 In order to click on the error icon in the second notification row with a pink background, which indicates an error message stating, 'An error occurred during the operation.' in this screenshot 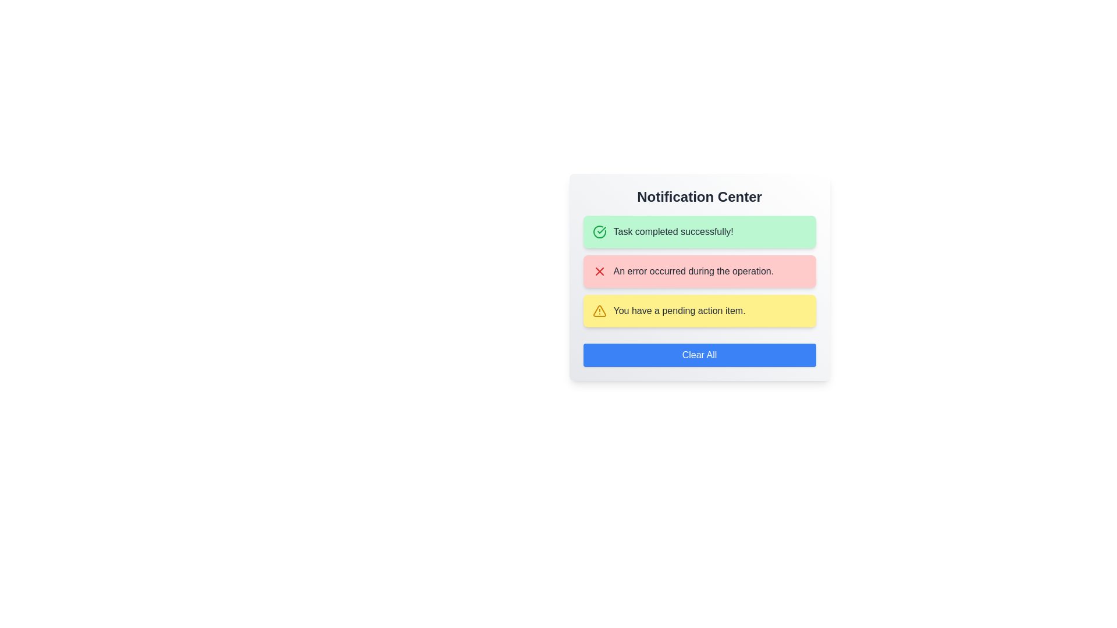, I will do `click(599, 271)`.